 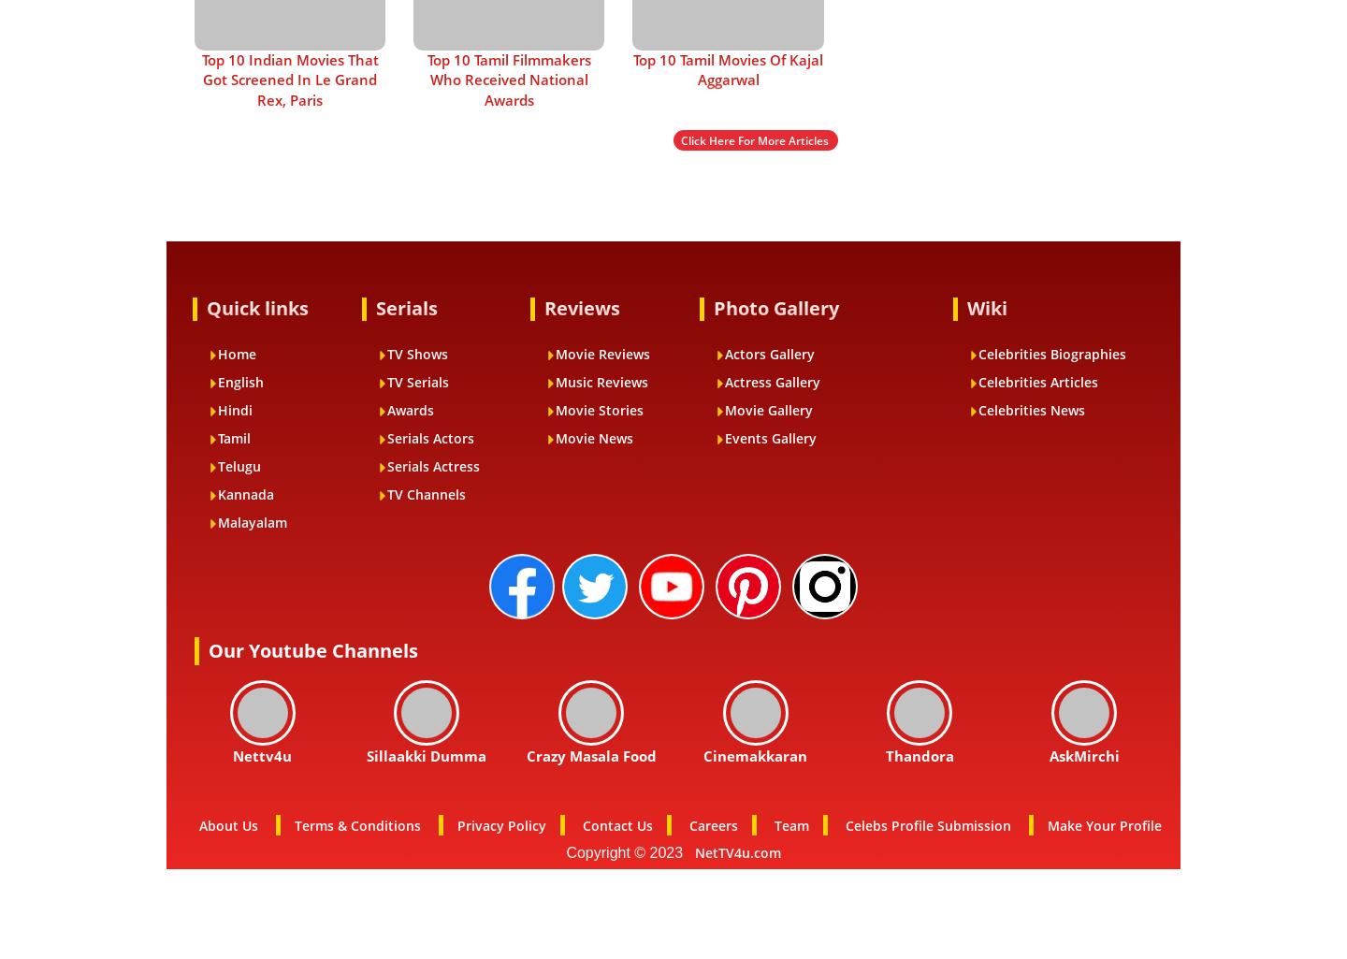 What do you see at coordinates (755, 753) in the screenshot?
I see `'Cinemakkaran'` at bounding box center [755, 753].